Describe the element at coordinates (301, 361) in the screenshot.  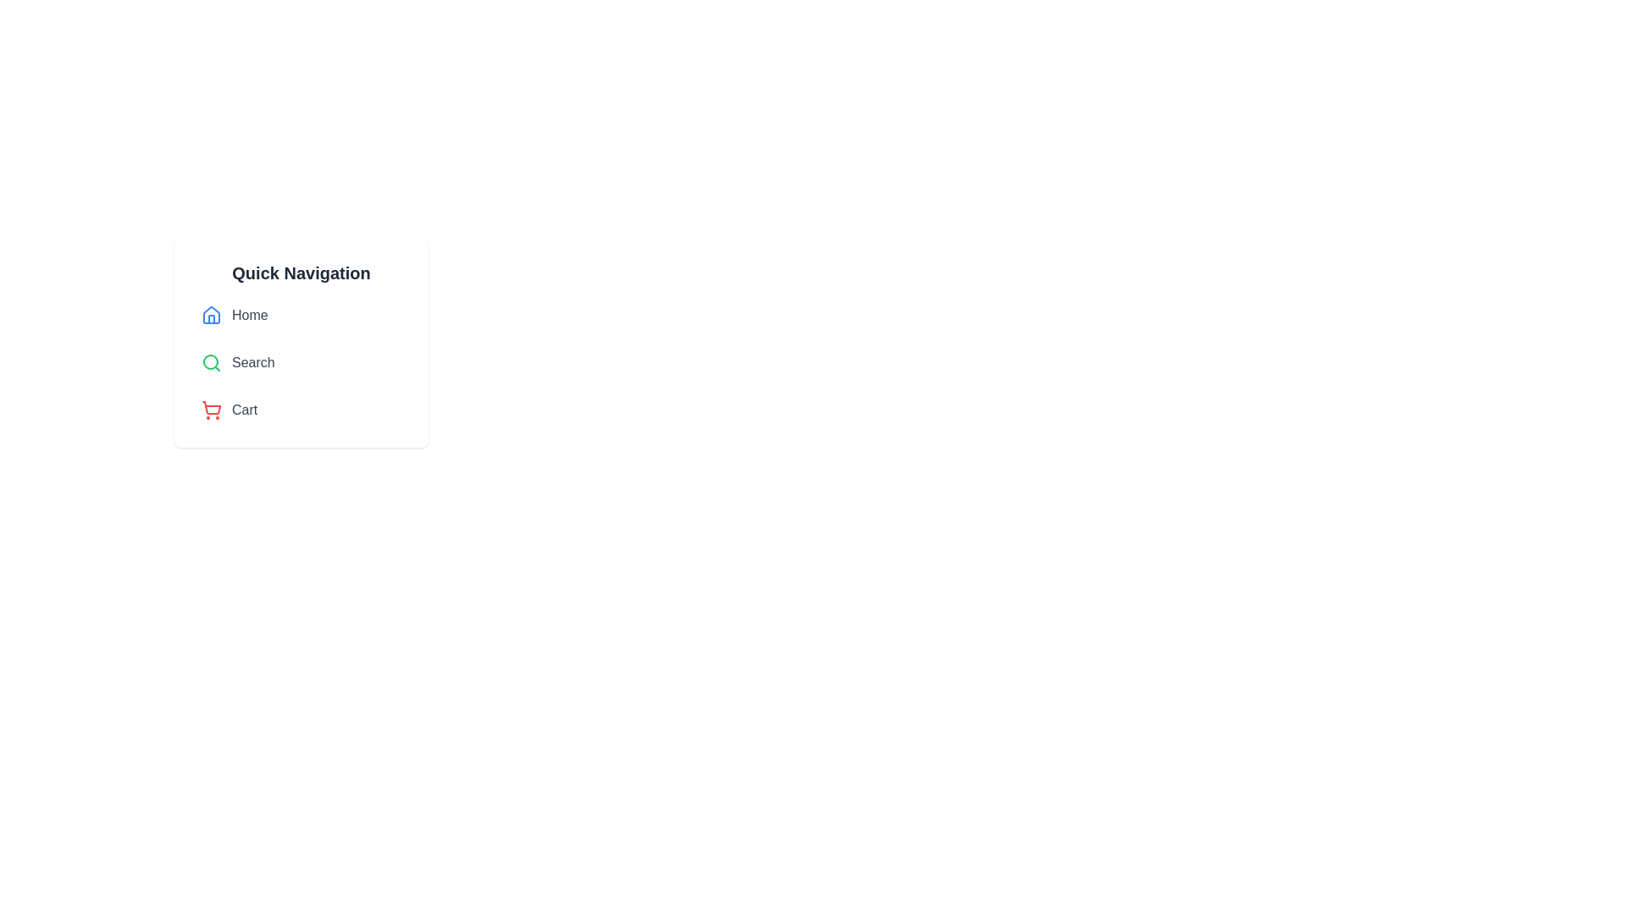
I see `the second navigation item in the vertical navigation menu, located between 'Home' and 'Cart'` at that location.